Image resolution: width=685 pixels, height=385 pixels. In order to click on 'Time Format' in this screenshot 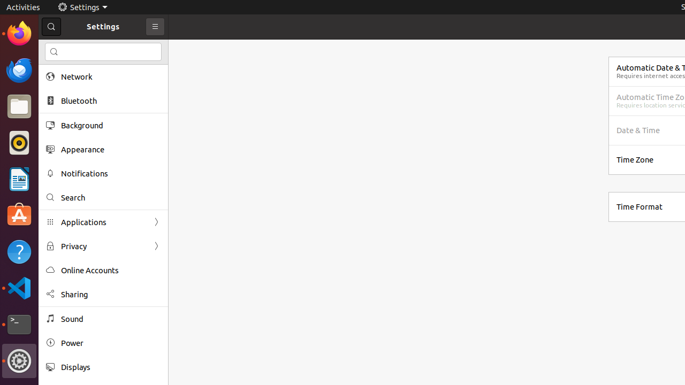, I will do `click(640, 206)`.